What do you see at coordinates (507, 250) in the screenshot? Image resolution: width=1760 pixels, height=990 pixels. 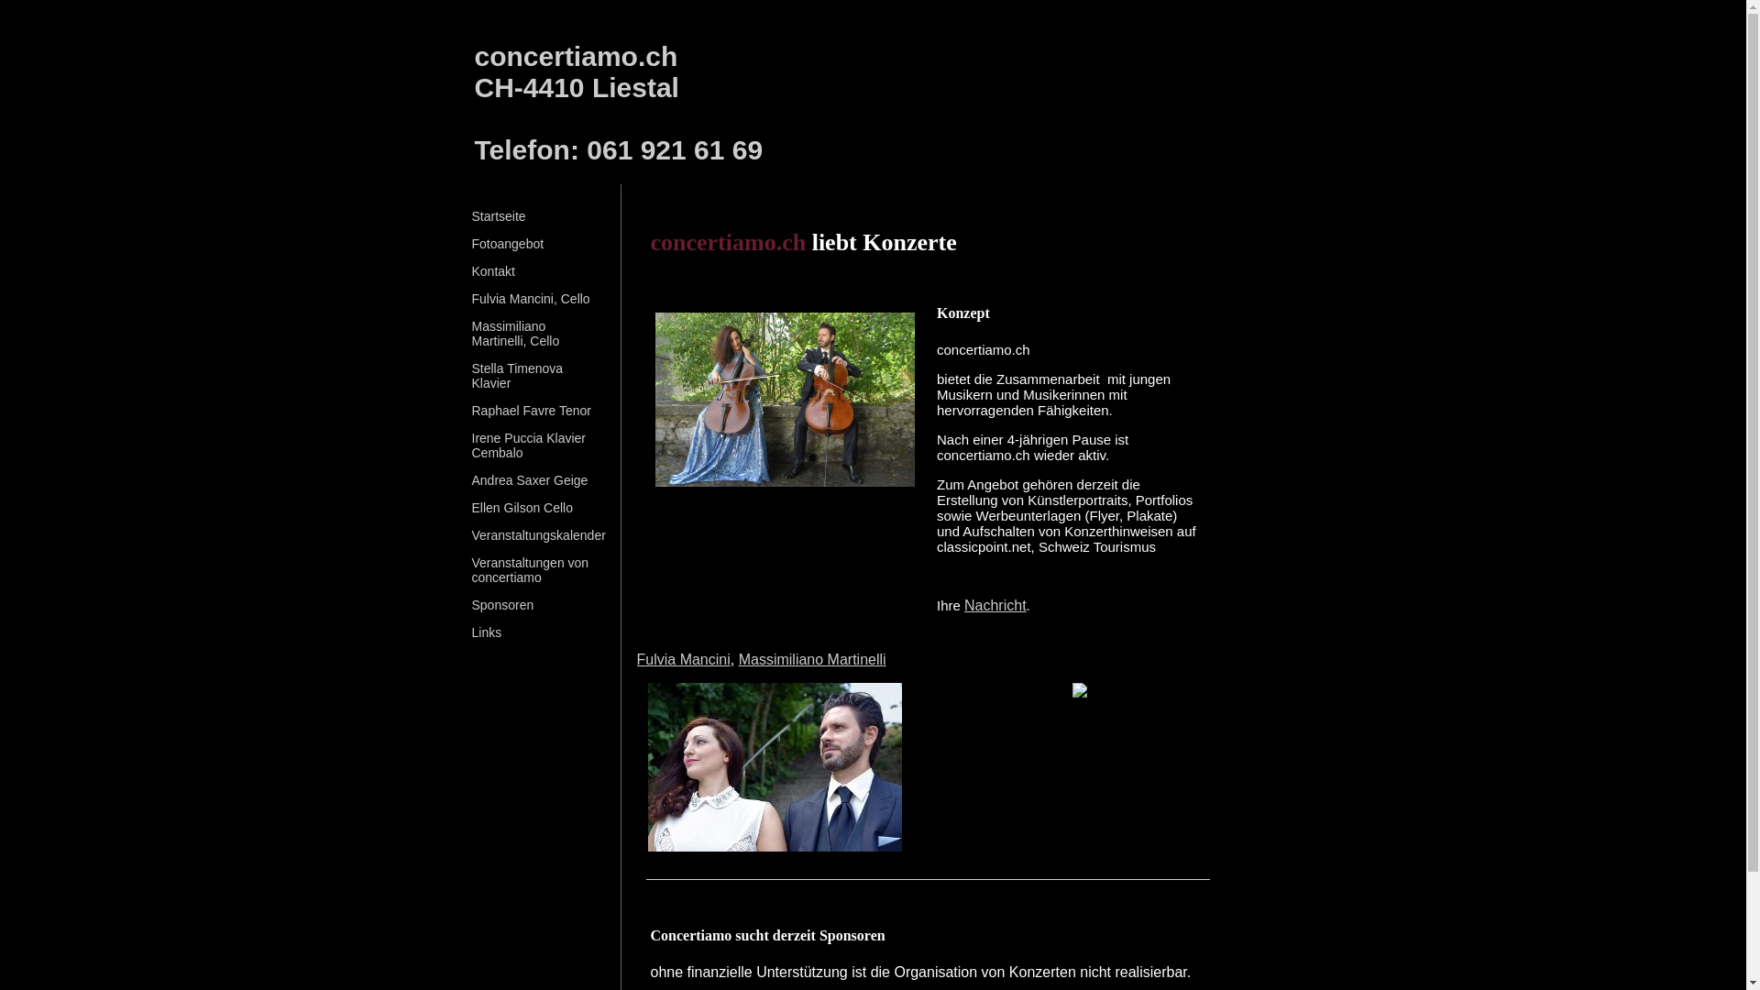 I see `'Fotoangebot'` at bounding box center [507, 250].